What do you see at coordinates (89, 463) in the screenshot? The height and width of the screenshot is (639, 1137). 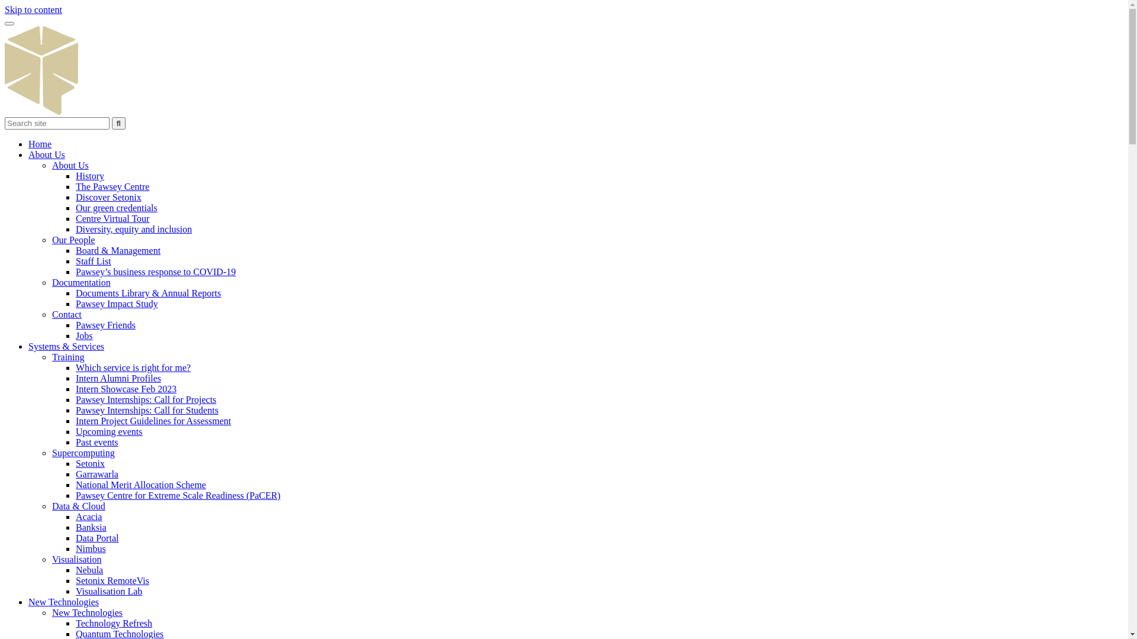 I see `'Setonix'` at bounding box center [89, 463].